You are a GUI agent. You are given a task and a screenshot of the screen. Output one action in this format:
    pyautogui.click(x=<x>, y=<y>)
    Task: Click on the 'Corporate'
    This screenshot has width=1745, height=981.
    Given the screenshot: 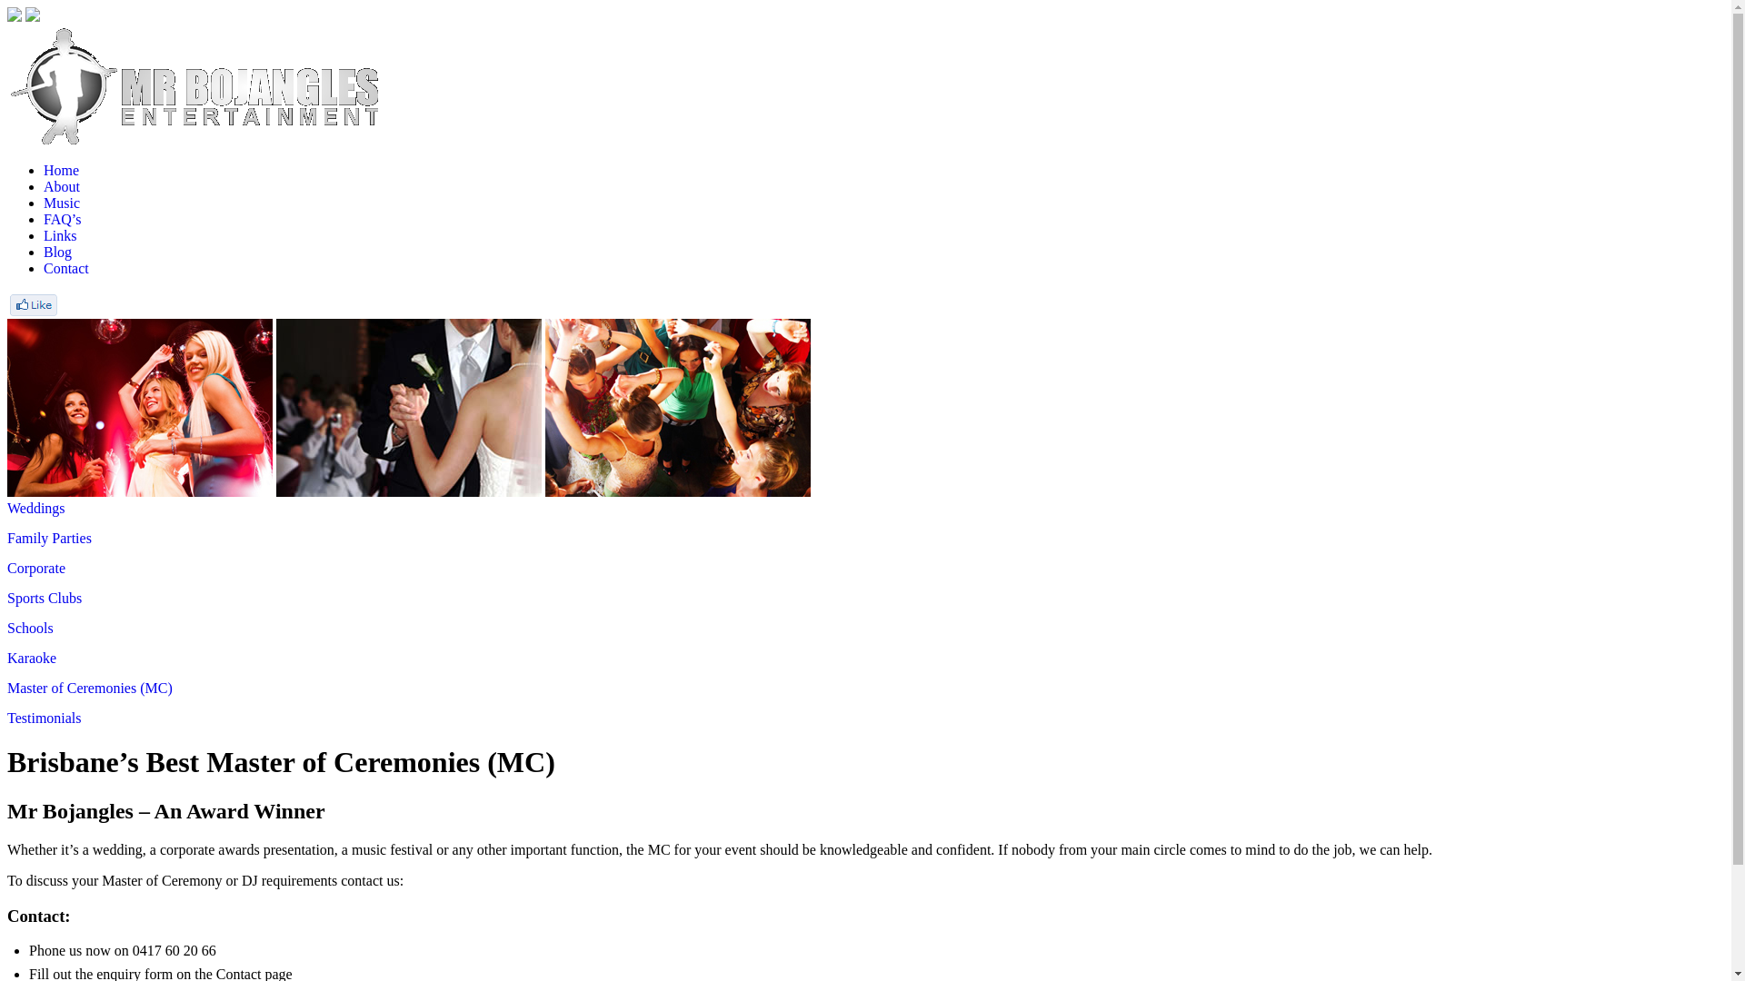 What is the action you would take?
    pyautogui.click(x=7, y=567)
    